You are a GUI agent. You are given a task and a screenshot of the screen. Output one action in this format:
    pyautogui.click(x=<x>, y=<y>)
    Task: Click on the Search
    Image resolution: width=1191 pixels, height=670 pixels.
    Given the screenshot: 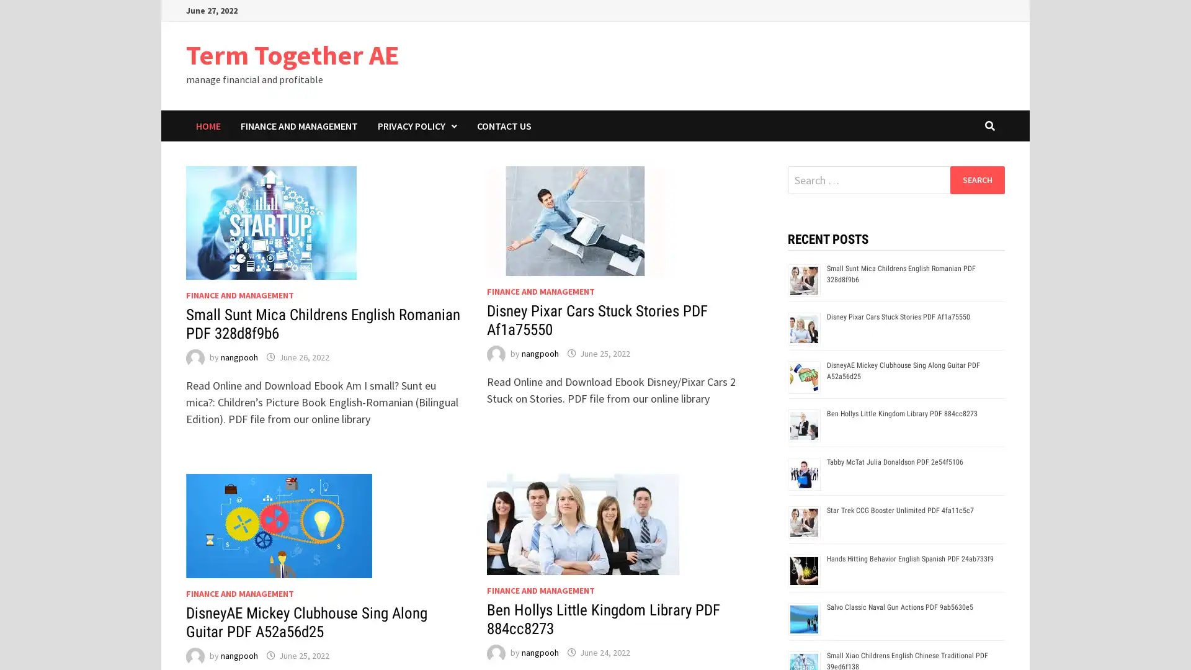 What is the action you would take?
    pyautogui.click(x=976, y=179)
    